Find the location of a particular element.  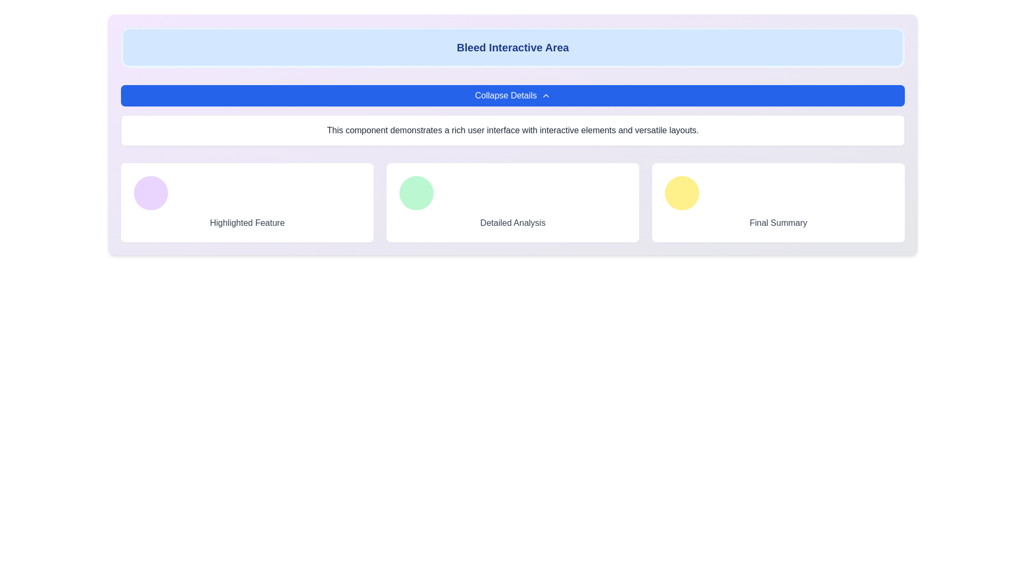

the circular decorative element with a yellow background located in the 'Final Summary' card on the right side of the panel row is located at coordinates (681, 193).